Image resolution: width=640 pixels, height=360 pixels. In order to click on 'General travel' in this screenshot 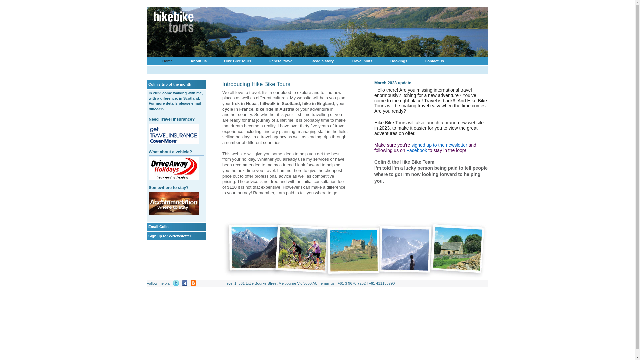, I will do `click(281, 61)`.